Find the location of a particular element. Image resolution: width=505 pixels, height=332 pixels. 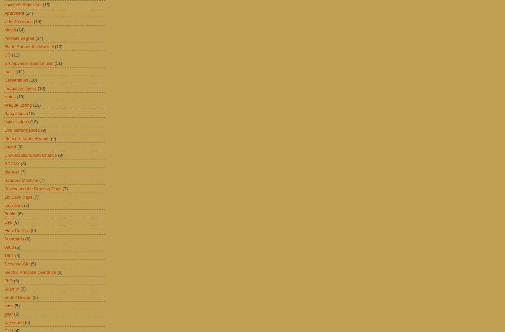

'Notes' is located at coordinates (10, 96).